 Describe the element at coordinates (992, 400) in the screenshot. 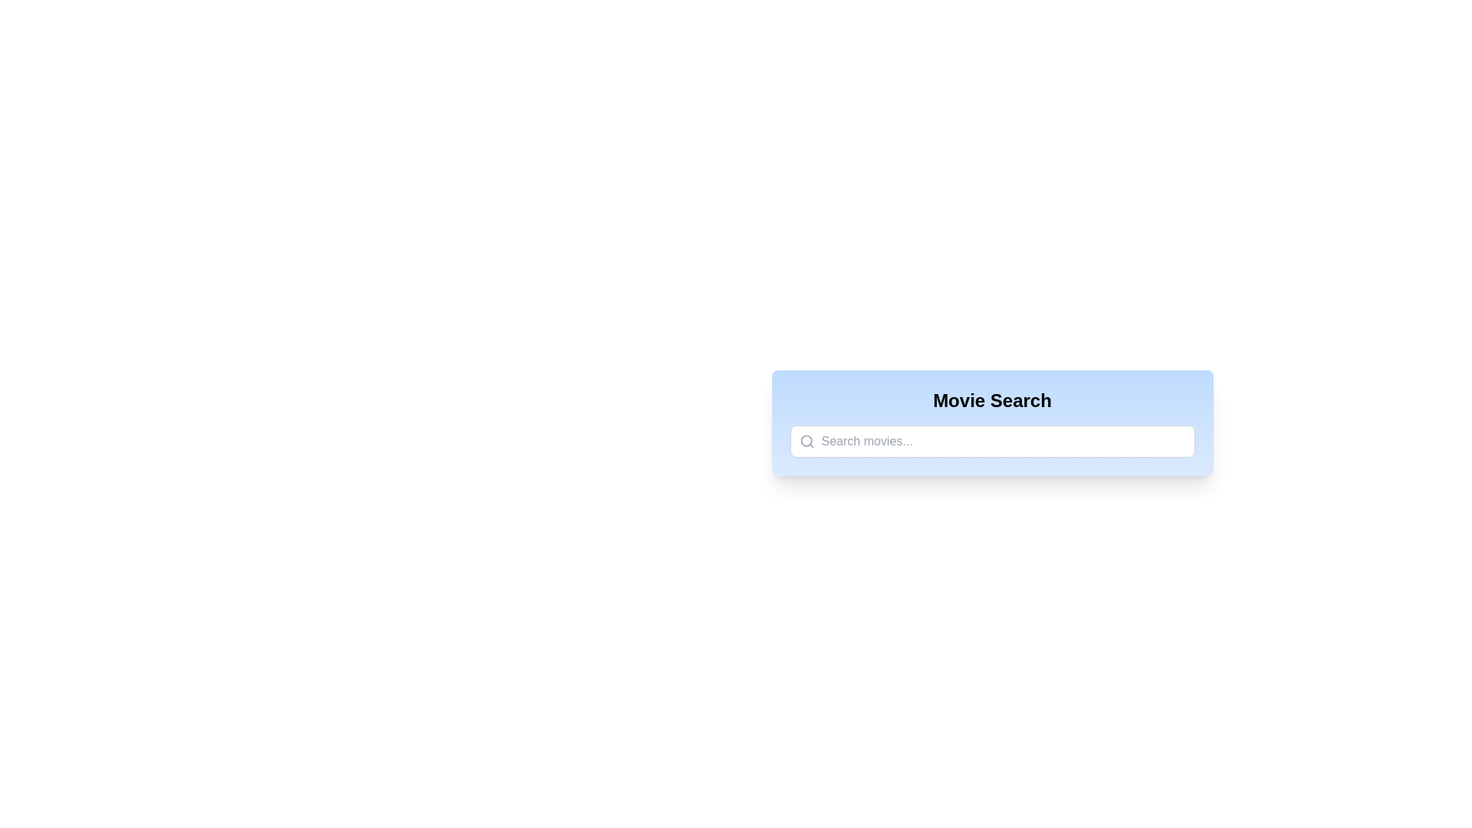

I see `the bold text label displaying 'Movie Search', which is located at the top of a light blue rounded rectangular interface box, above a search bar` at that location.